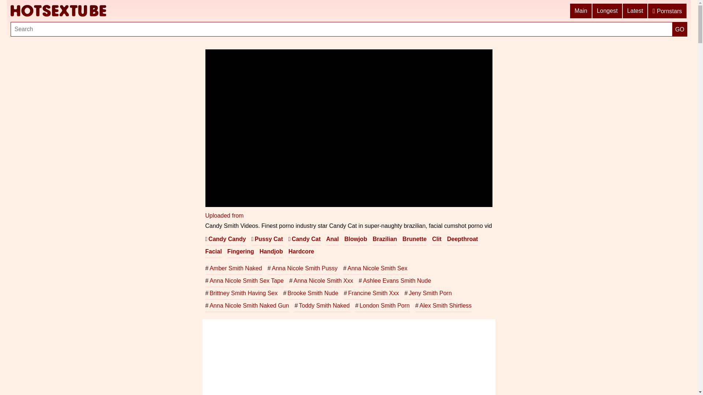 The height and width of the screenshot is (395, 703). Describe the element at coordinates (355, 239) in the screenshot. I see `'Blowjob'` at that location.